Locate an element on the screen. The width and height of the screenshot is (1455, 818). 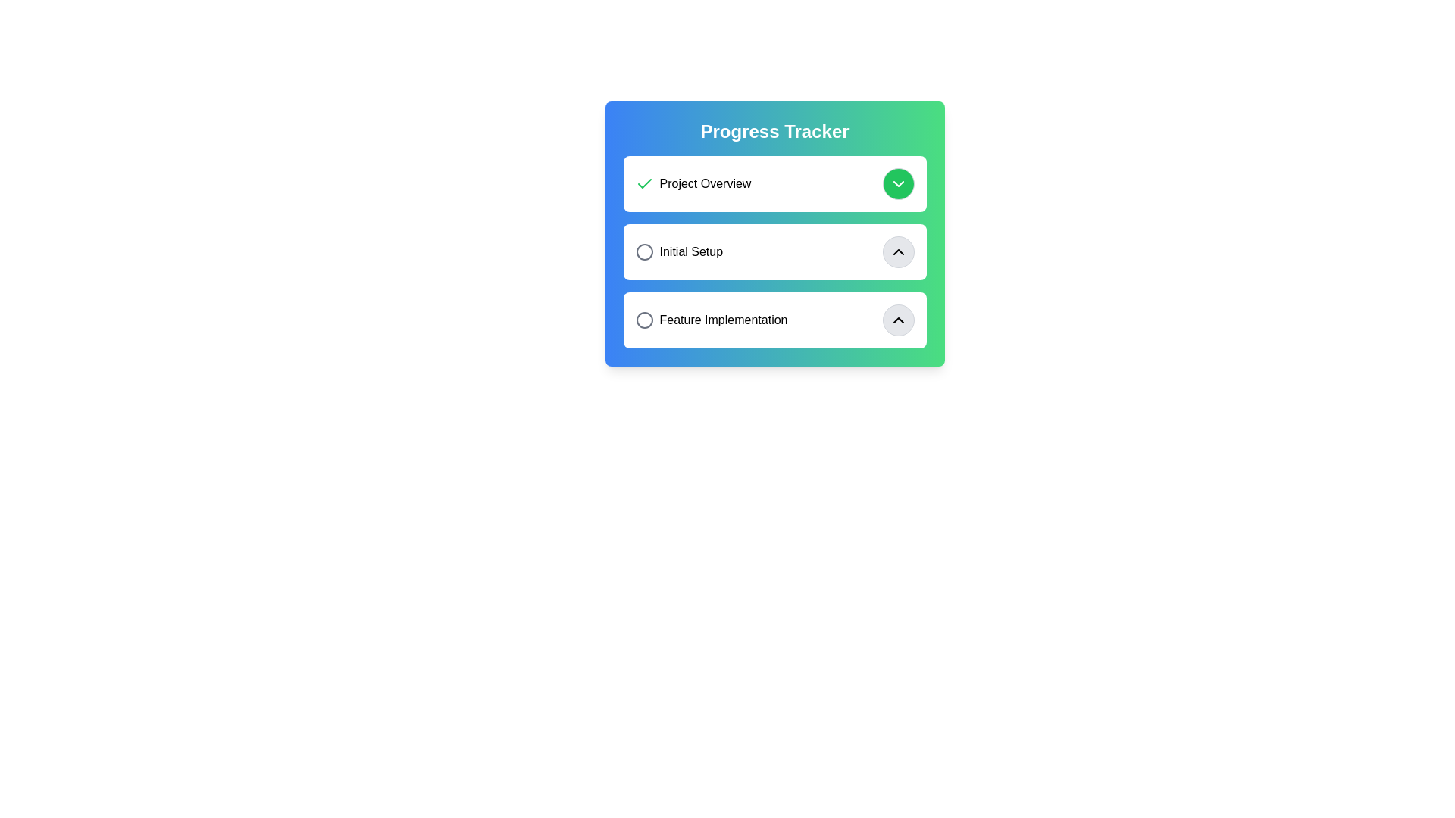
the completion indicator icon for the 'Project Overview' item in the progress tracker, located at the uppermost position on the right side is located at coordinates (644, 183).